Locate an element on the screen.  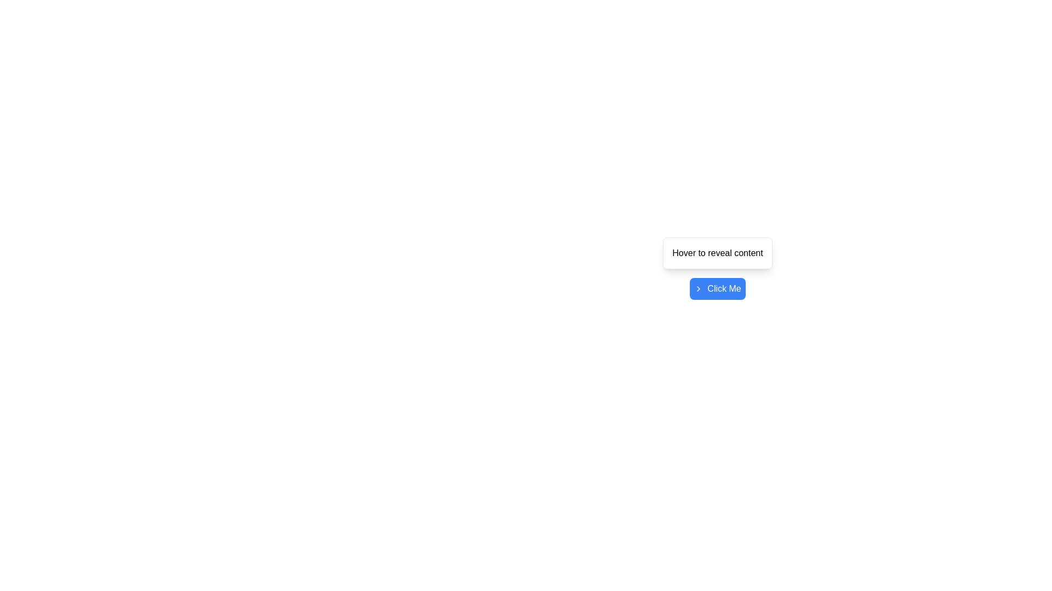
the right-pointing chevron icon inside the 'Click Me' button, which is styled with a blue background and rounded corners is located at coordinates (698, 288).